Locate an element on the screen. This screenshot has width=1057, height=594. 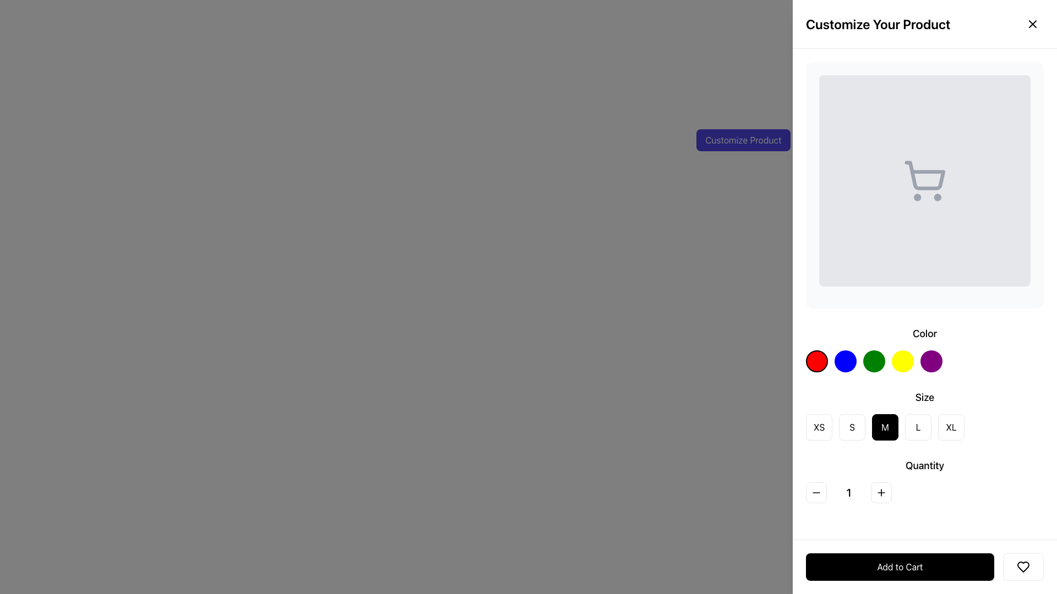
the 'XL' size selection button, which is the fifth button in the horizontal row of size options below the 'Color' selection section is located at coordinates (951, 426).